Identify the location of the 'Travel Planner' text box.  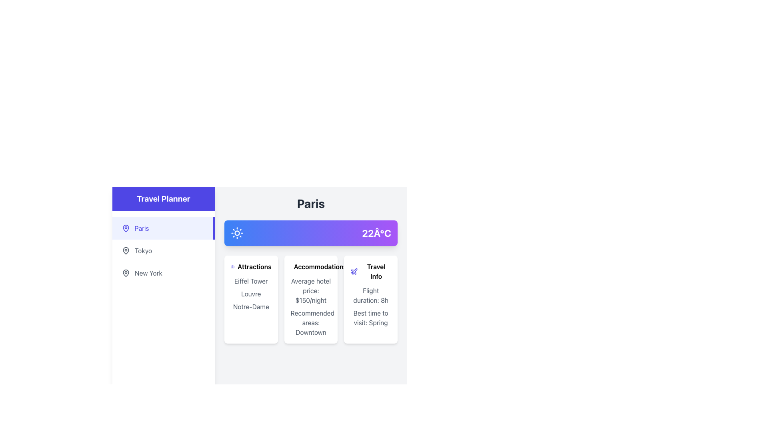
(163, 198).